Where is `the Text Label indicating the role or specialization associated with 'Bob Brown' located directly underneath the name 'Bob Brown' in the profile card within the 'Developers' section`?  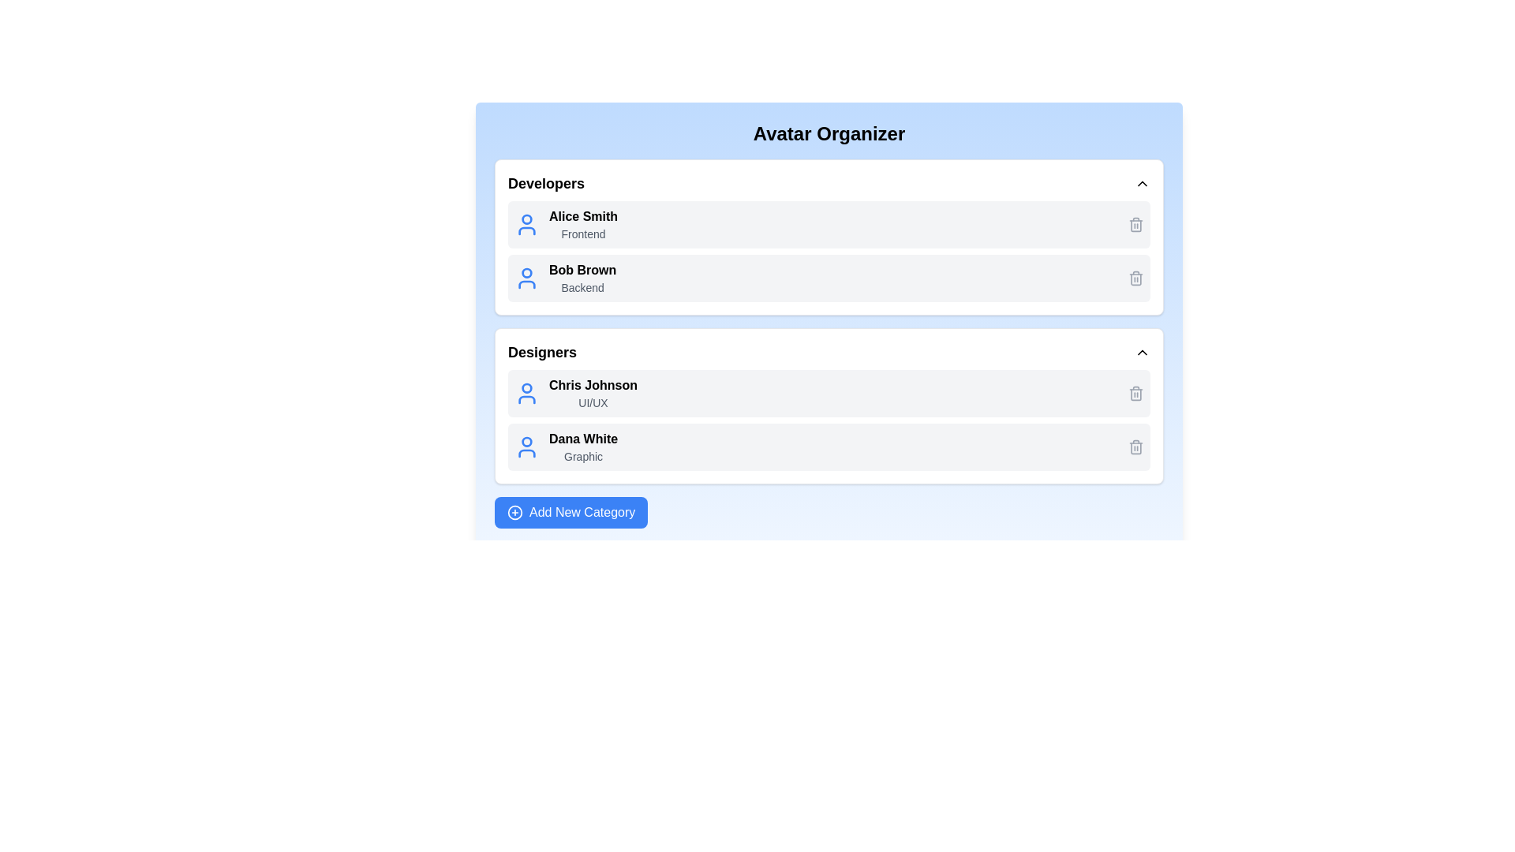 the Text Label indicating the role or specialization associated with 'Bob Brown' located directly underneath the name 'Bob Brown' in the profile card within the 'Developers' section is located at coordinates (582, 288).